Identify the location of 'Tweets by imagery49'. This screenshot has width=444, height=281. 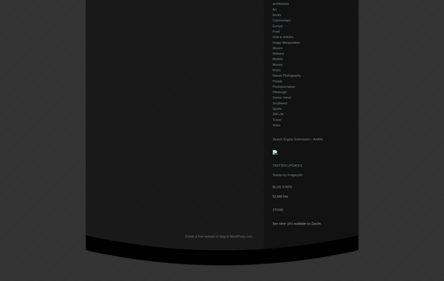
(287, 175).